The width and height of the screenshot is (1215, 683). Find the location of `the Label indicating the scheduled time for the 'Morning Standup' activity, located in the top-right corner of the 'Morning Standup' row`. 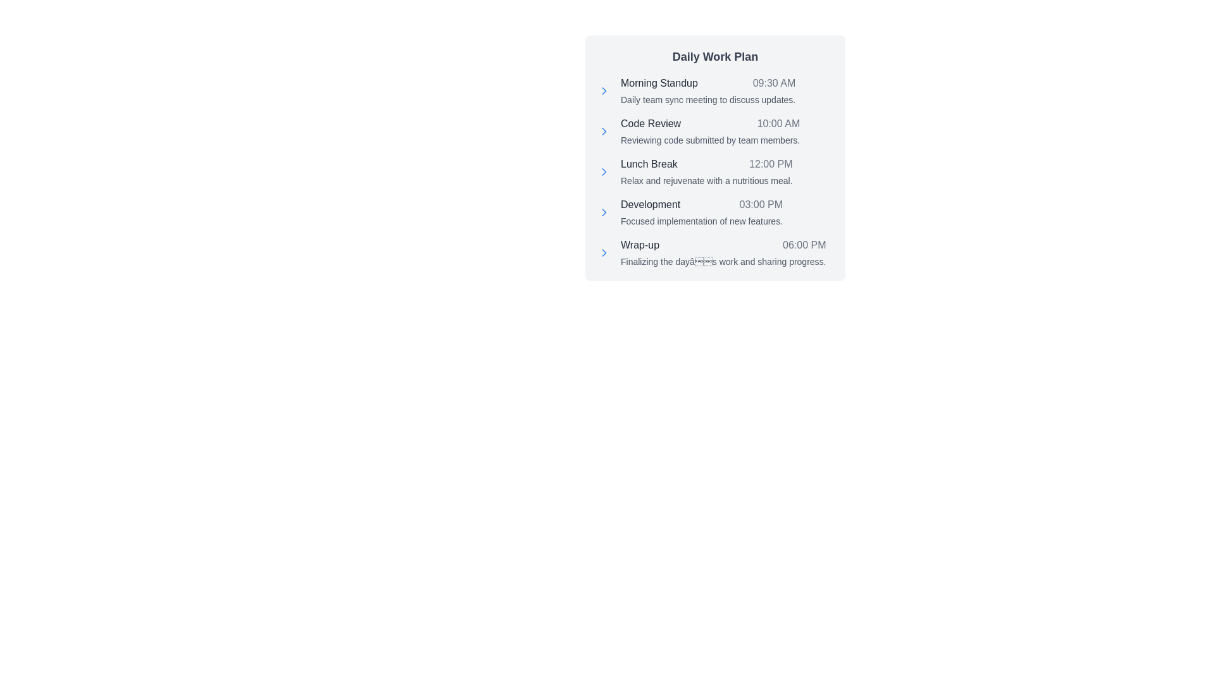

the Label indicating the scheduled time for the 'Morning Standup' activity, located in the top-right corner of the 'Morning Standup' row is located at coordinates (773, 83).